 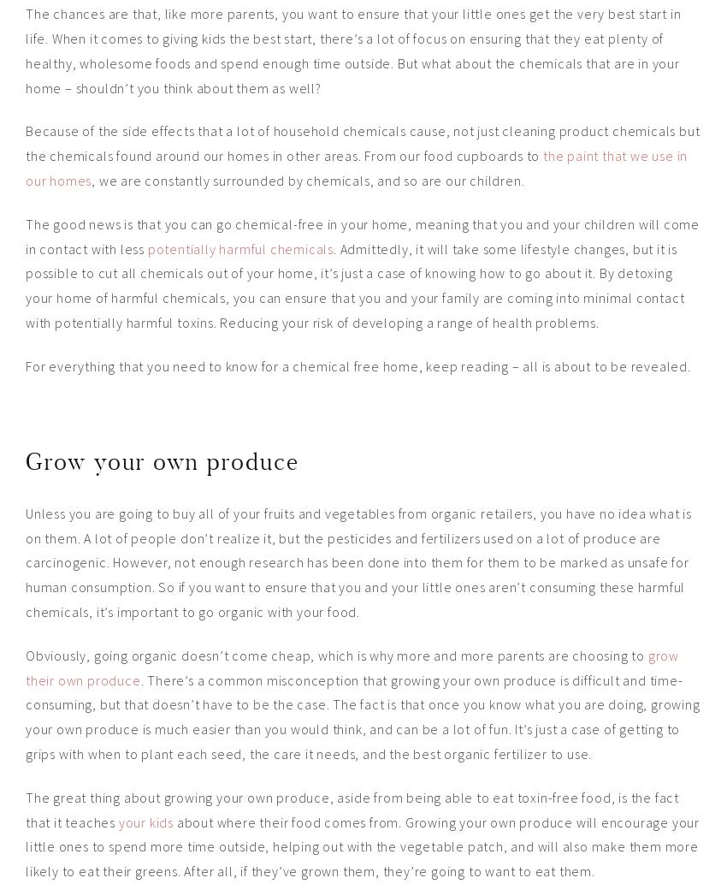 What do you see at coordinates (358, 561) in the screenshot?
I see `'Unless you are going to buy all of your fruits and vegetables from organic retailers, you have no idea what is on them. A lot of people don’t realize it, but the pesticides and fertilizers used on a lot of produce are carcinogenic. However, not enough research has been done into them for them to be marked as unsafe for human consumption. So if you want to ensure that you and your little ones aren’t consuming these harmful chemicals, it’s important to go organic with your food.'` at bounding box center [358, 561].